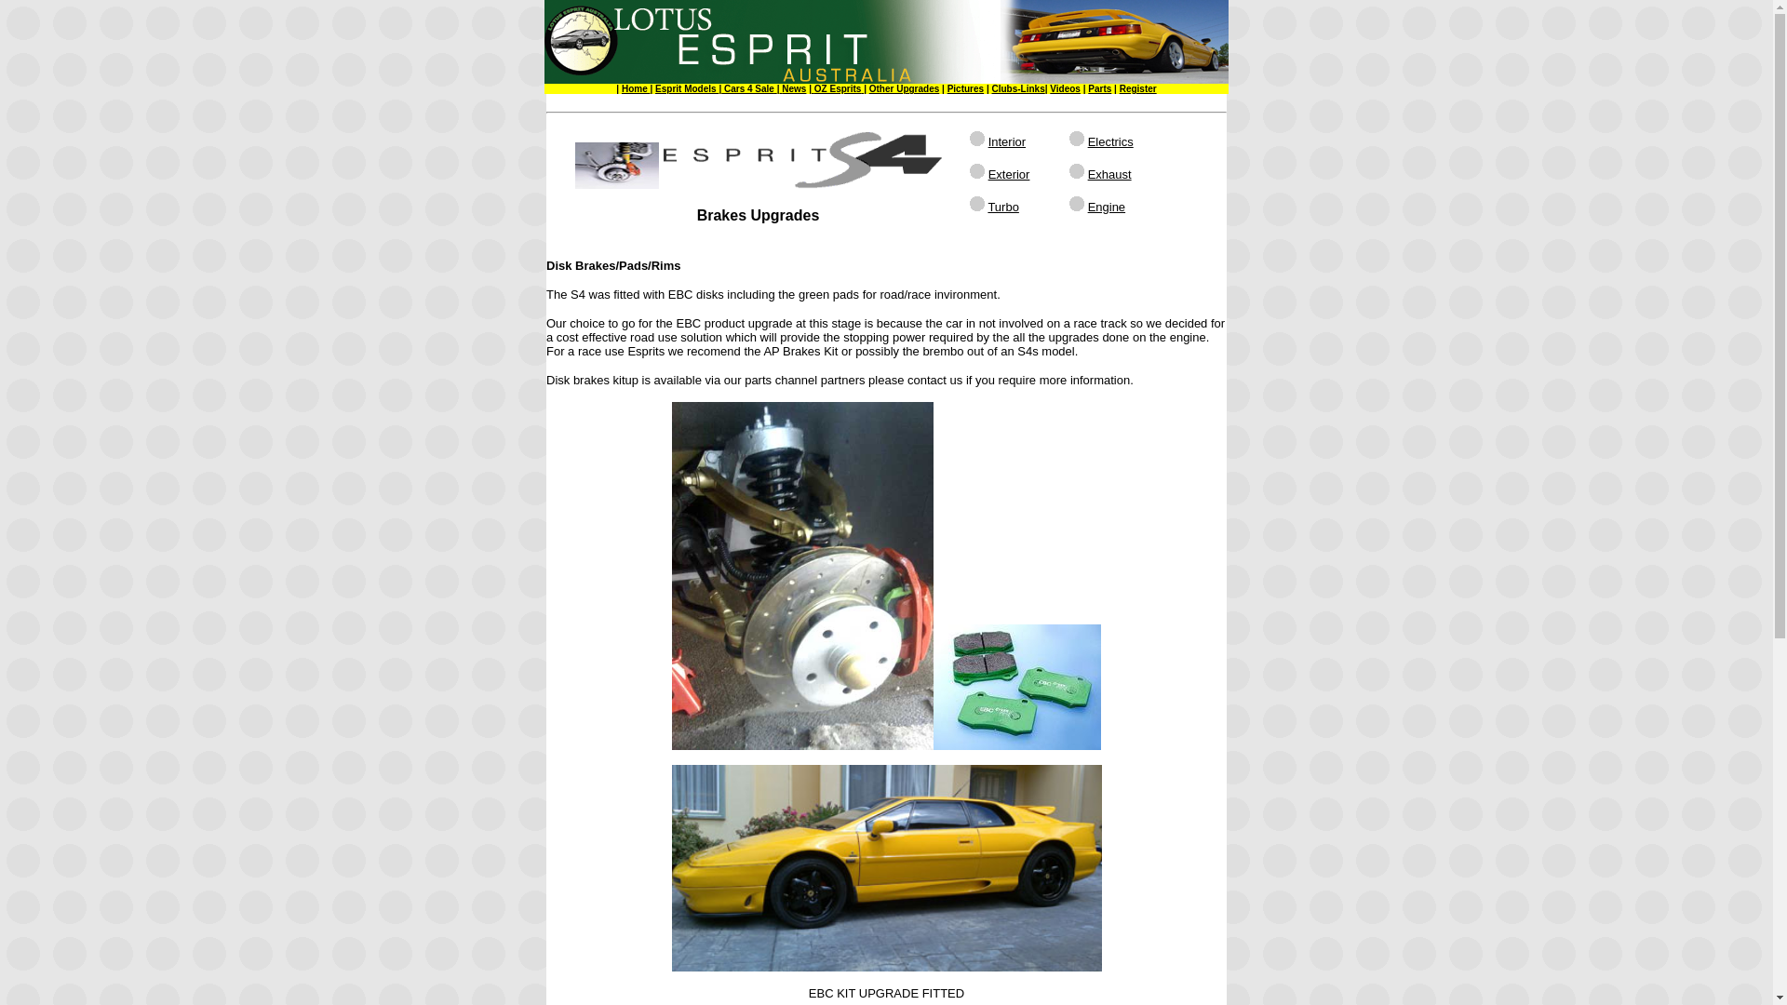 This screenshot has height=1005, width=1787. Describe the element at coordinates (636, 88) in the screenshot. I see `'Home'` at that location.